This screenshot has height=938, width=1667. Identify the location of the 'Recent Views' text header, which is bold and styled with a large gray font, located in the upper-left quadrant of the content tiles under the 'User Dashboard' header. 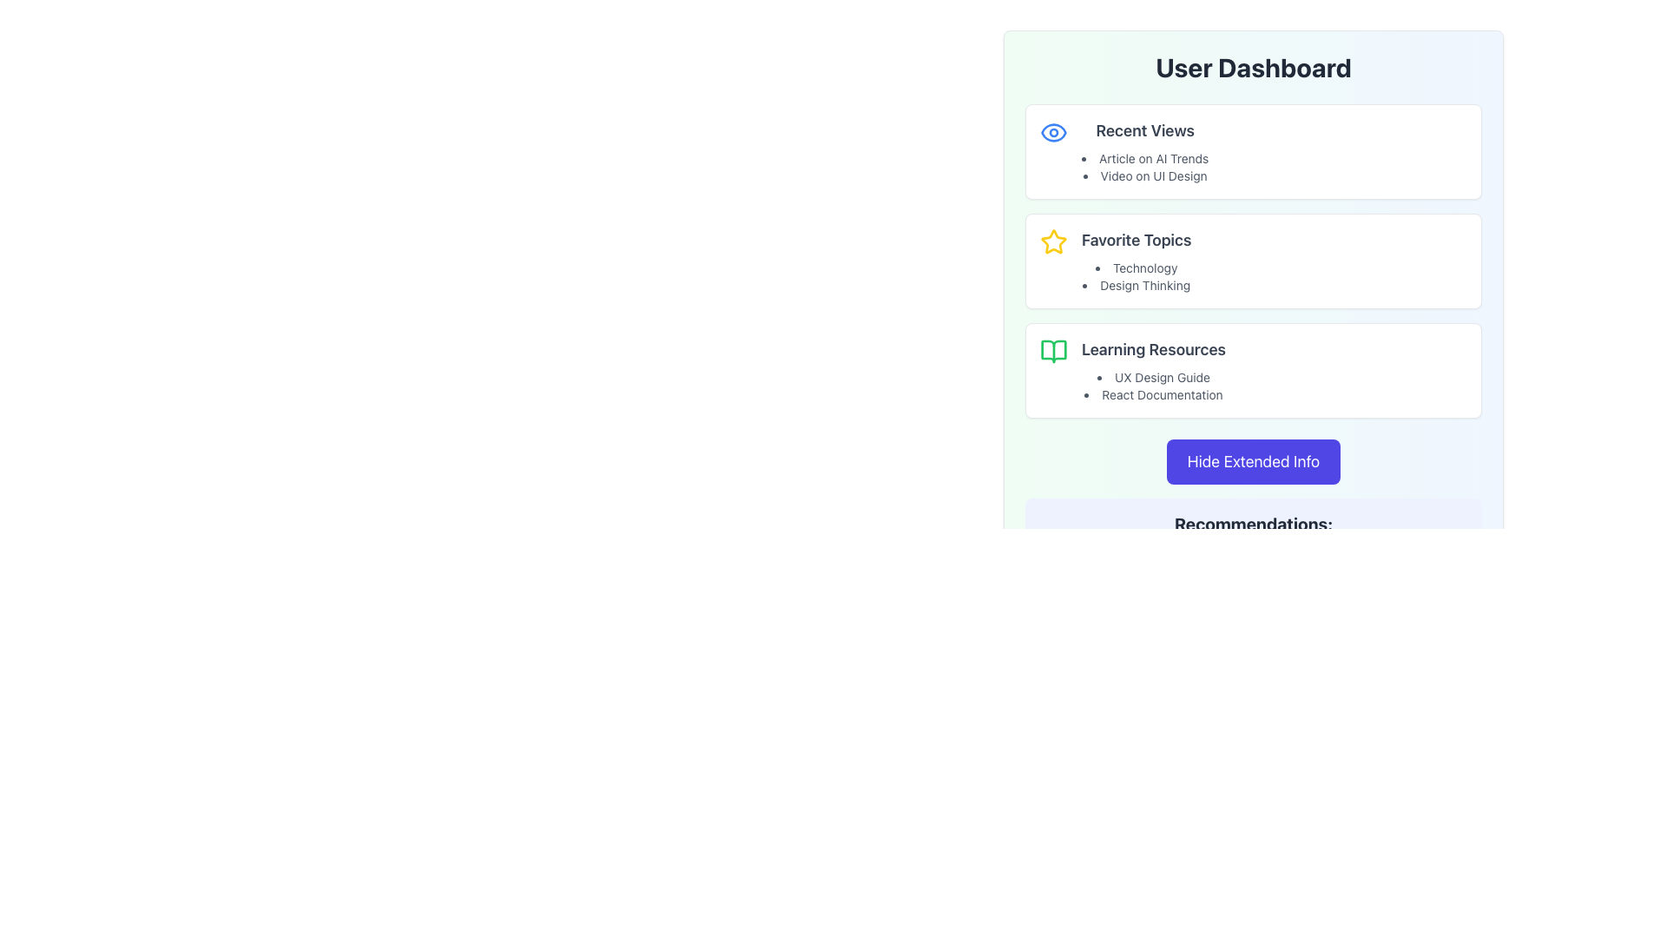
(1145, 129).